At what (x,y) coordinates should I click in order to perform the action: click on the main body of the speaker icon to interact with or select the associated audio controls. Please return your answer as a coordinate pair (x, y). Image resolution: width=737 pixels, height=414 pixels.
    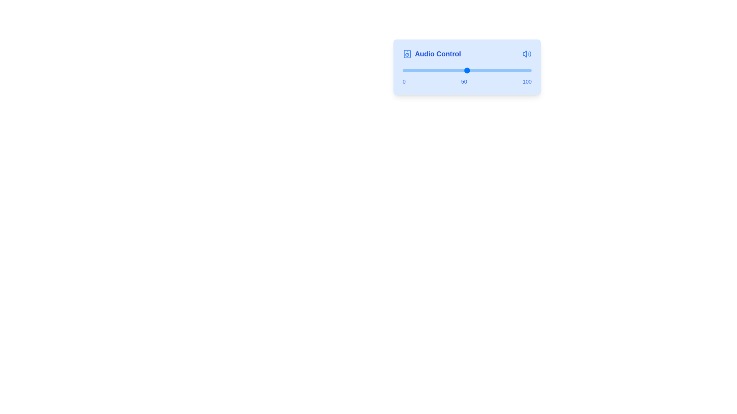
    Looking at the image, I should click on (407, 54).